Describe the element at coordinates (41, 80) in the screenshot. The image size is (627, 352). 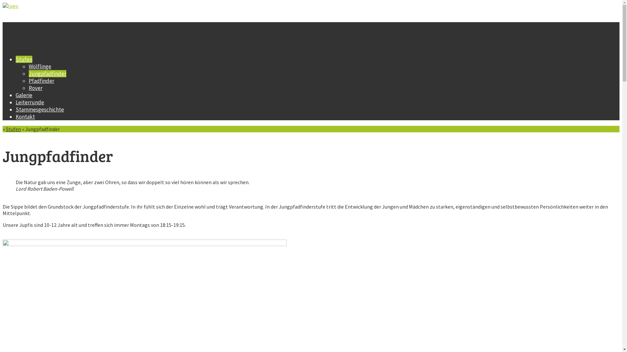
I see `'Pfadfinder'` at that location.